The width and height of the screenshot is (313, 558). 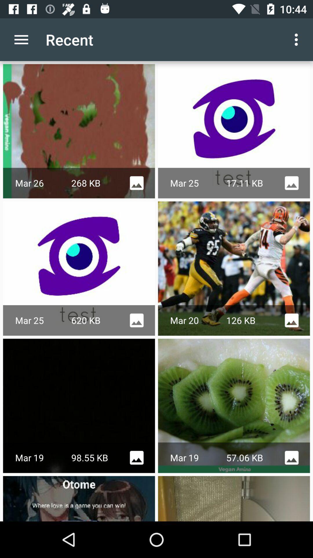 I want to click on the image below recent, so click(x=79, y=131).